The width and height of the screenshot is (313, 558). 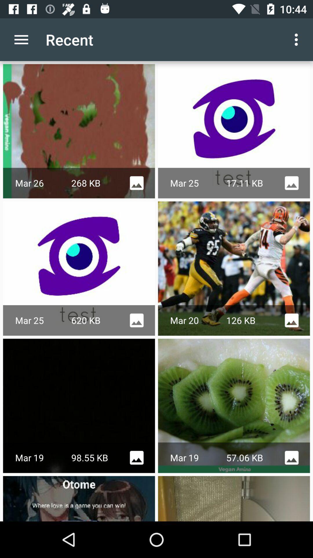 I want to click on the image below recent, so click(x=79, y=131).